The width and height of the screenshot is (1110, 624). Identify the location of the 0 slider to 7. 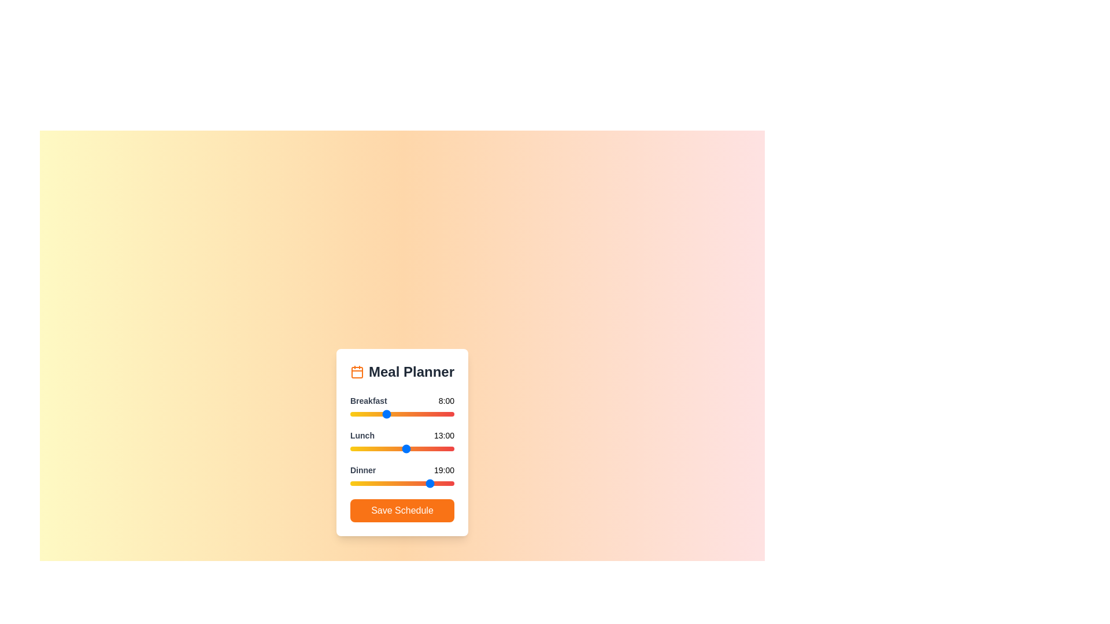
(380, 414).